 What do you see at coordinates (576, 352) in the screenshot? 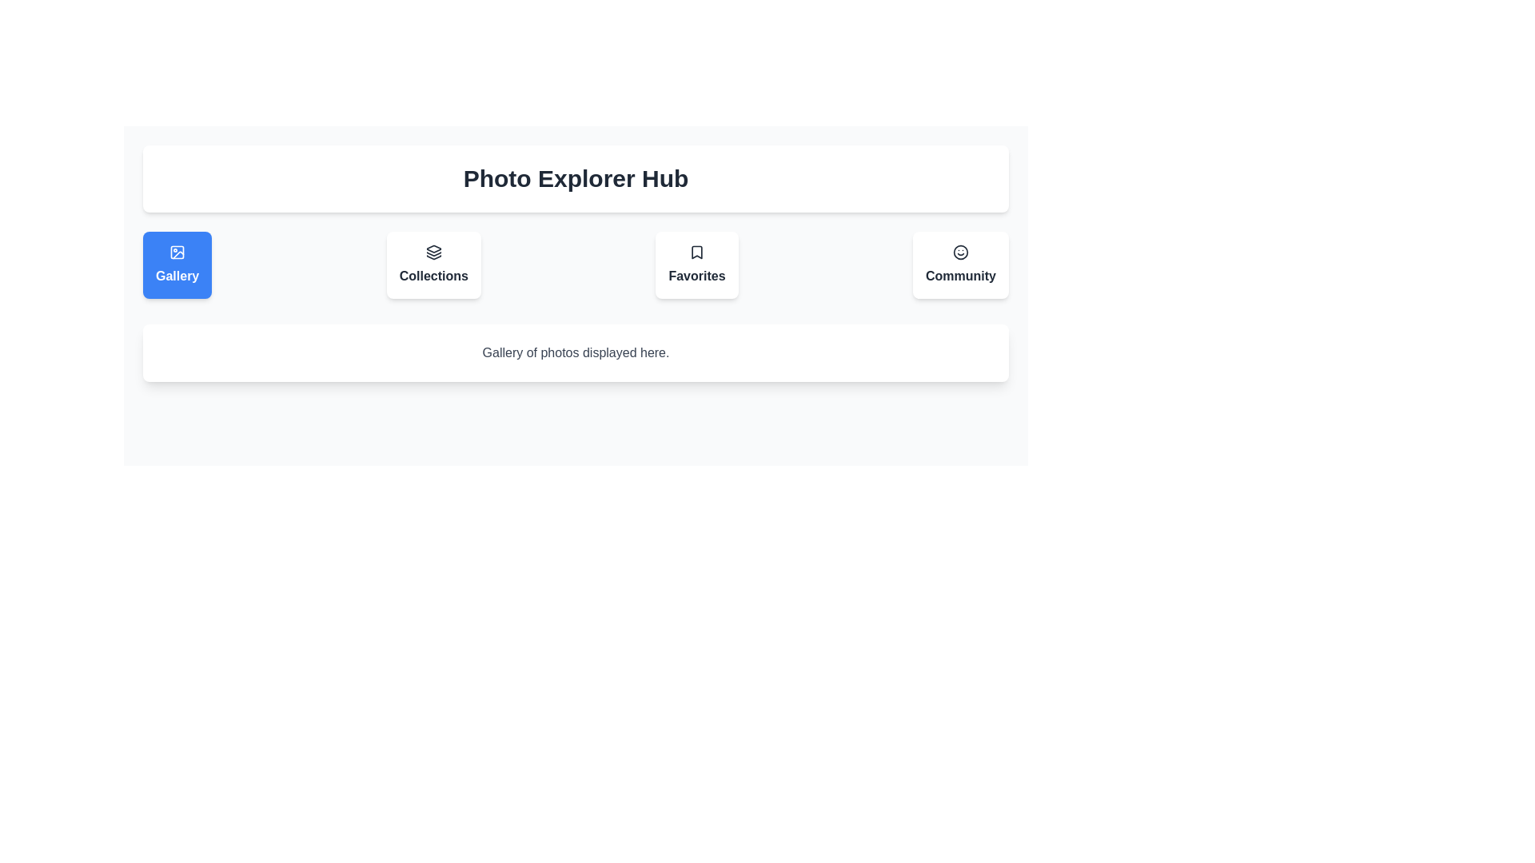
I see `text that says 'Gallery of photos displayed here.' which is styled in gray color and located slightly below the center of the visible interface` at bounding box center [576, 352].